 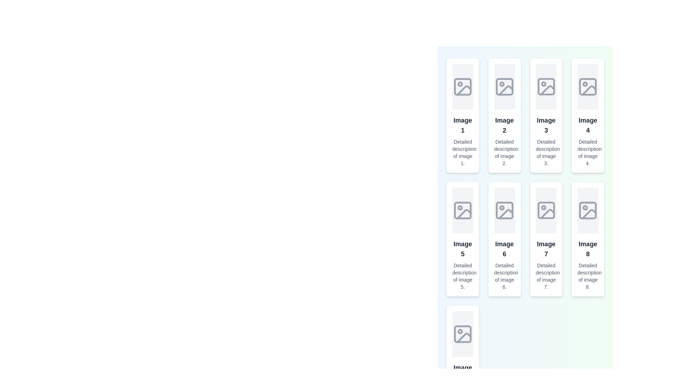 What do you see at coordinates (588, 210) in the screenshot?
I see `the visual representation of the SVG rectangle with rounded corners, part of the icon depicting a mountain and a sun, located in the eighth item of a grid-like arrangement of image placeholders` at bounding box center [588, 210].